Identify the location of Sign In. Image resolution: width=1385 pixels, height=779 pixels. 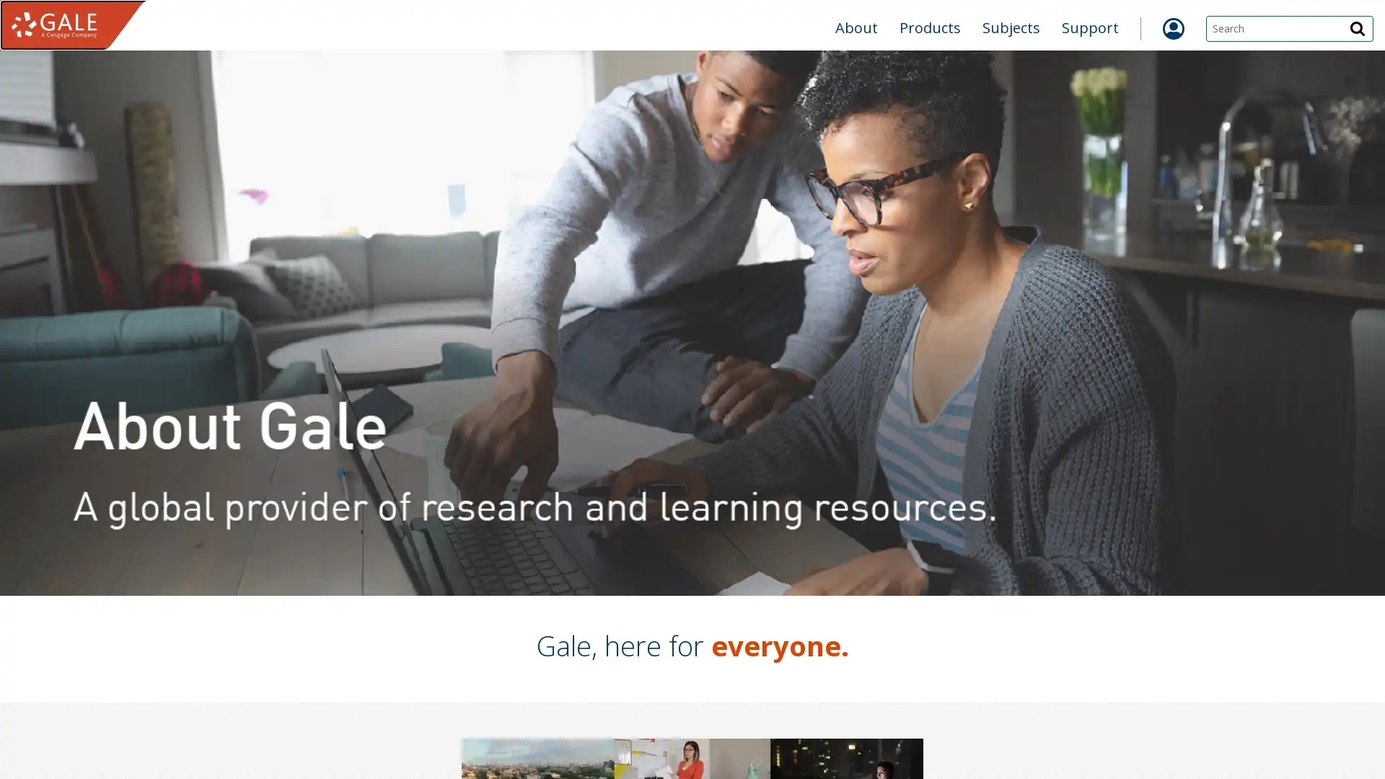
(910, 102).